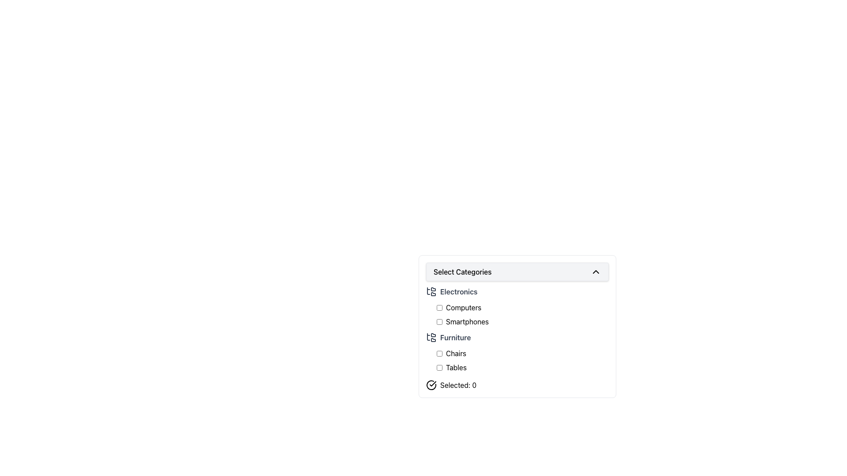  Describe the element at coordinates (431, 385) in the screenshot. I see `the visual state of the graphical icon shaped like a checkmark enclosed in a circle, which is located to the left of the text 'Selected: 0' at the bottom section of the category selection interface` at that location.